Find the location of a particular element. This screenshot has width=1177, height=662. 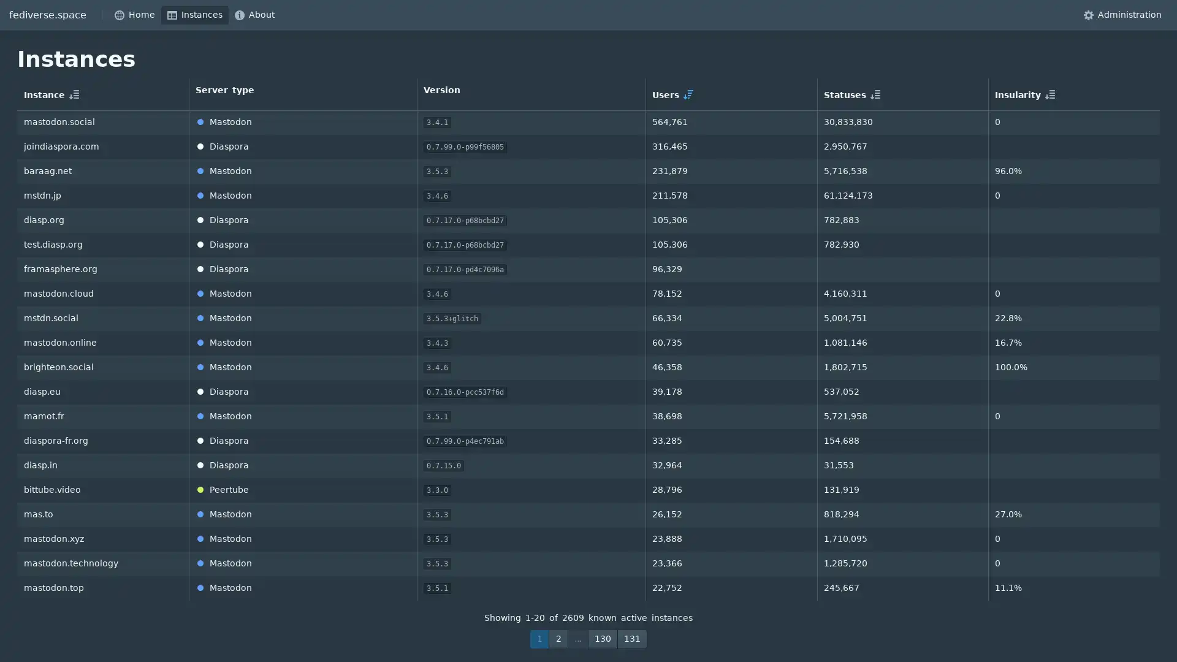

131 is located at coordinates (632, 638).